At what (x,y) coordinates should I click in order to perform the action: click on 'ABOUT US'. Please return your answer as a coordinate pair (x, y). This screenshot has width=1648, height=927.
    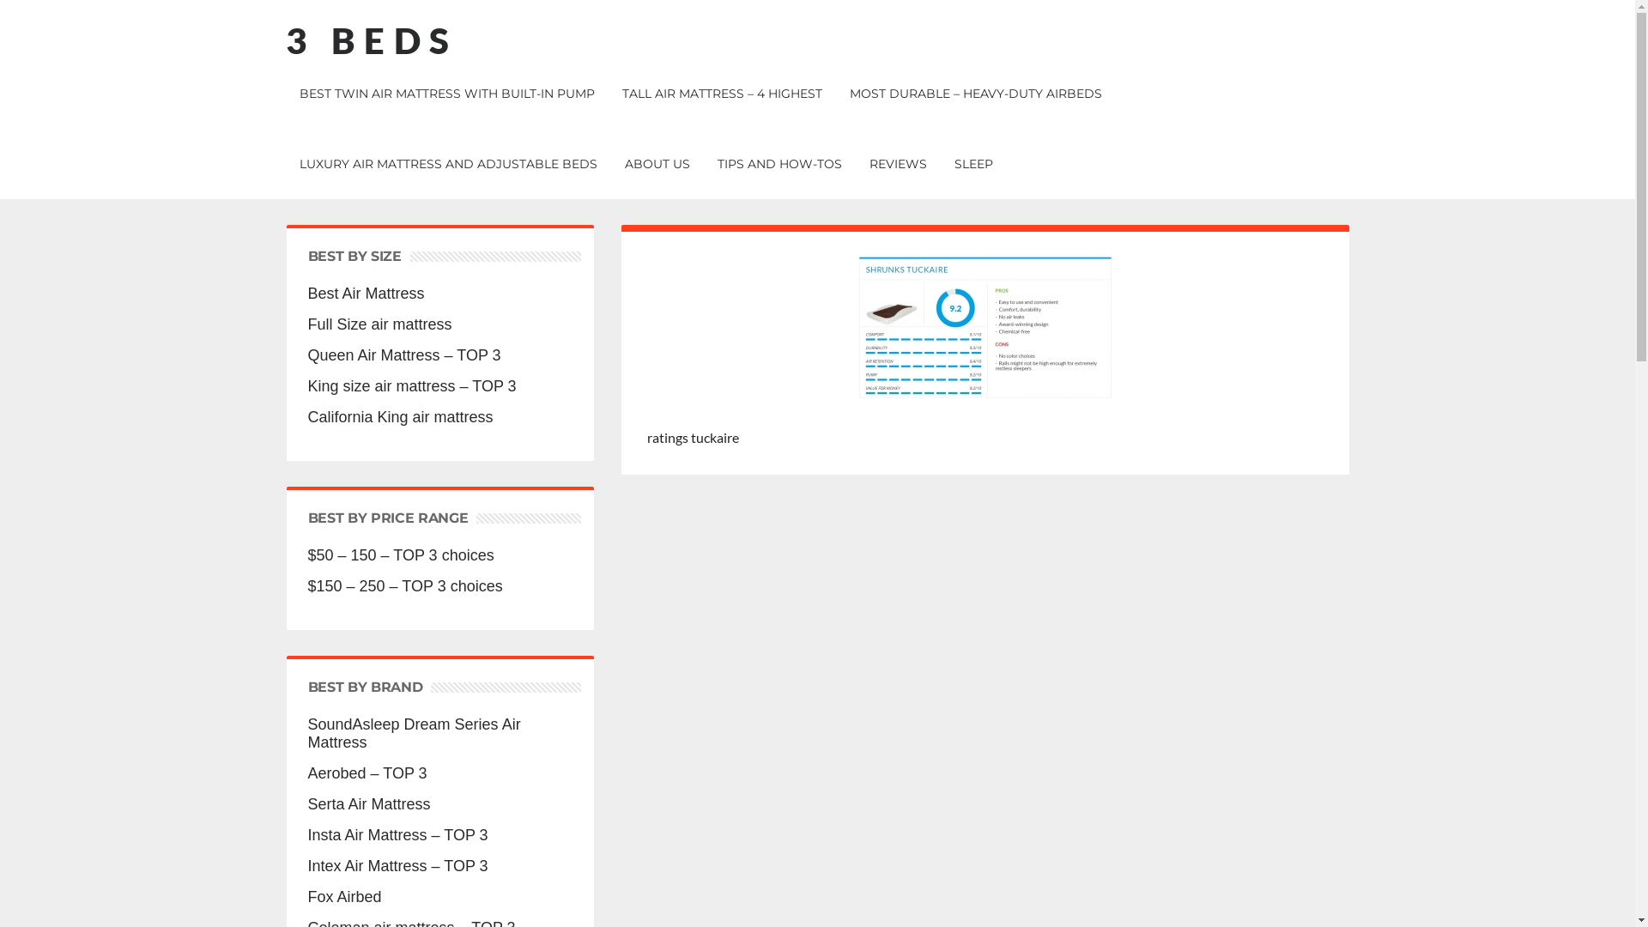
    Looking at the image, I should click on (613, 164).